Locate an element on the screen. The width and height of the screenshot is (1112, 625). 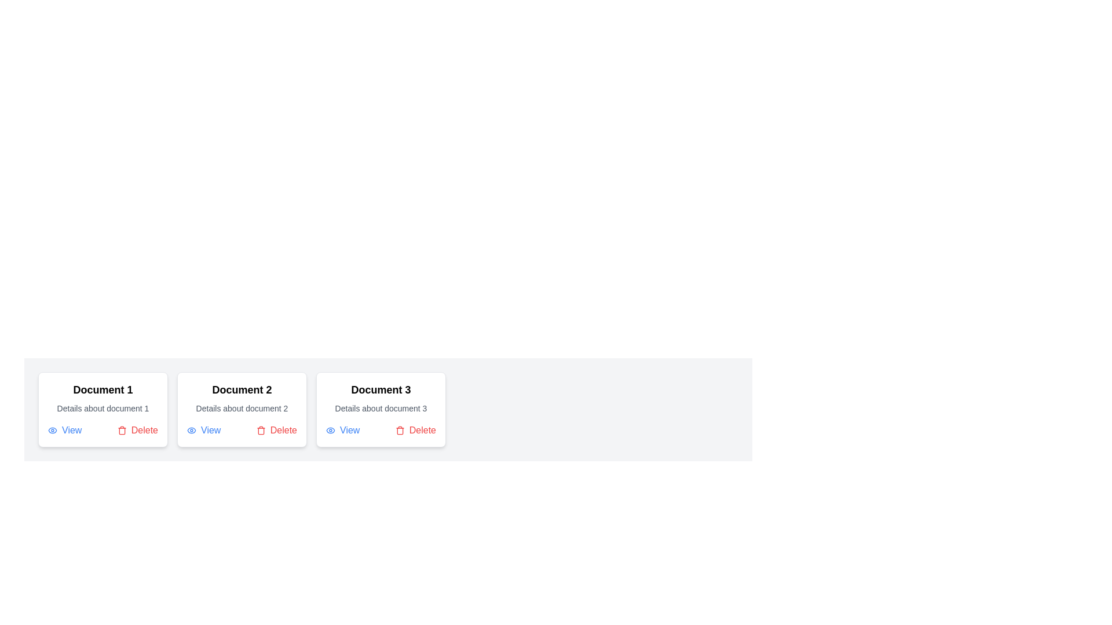
the delete icon located in the bottom-right corner of the 'Document 1' card is located at coordinates (122, 431).